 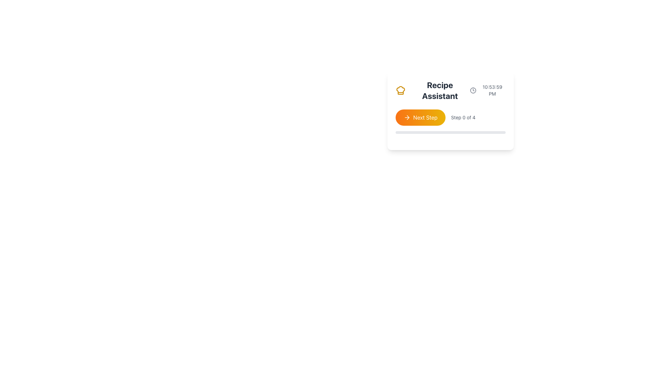 I want to click on the arrow head of the right-pointing arrow icon on the 'Next Step' button to interact with the button and trigger its functionality, so click(x=407, y=117).